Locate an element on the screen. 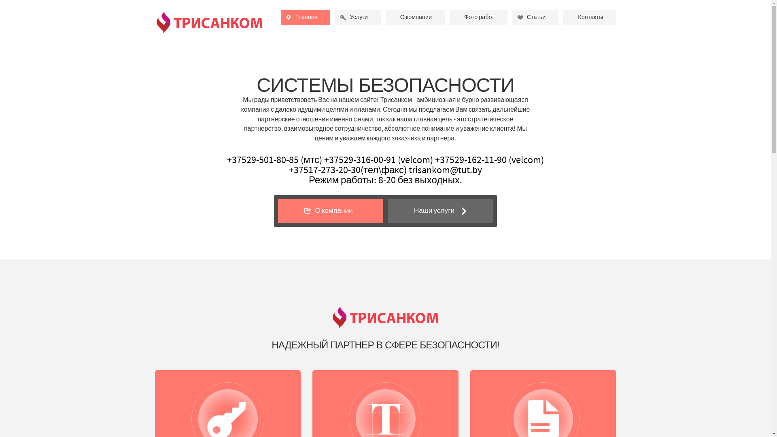  'trisankom@tut.by' is located at coordinates (445, 170).